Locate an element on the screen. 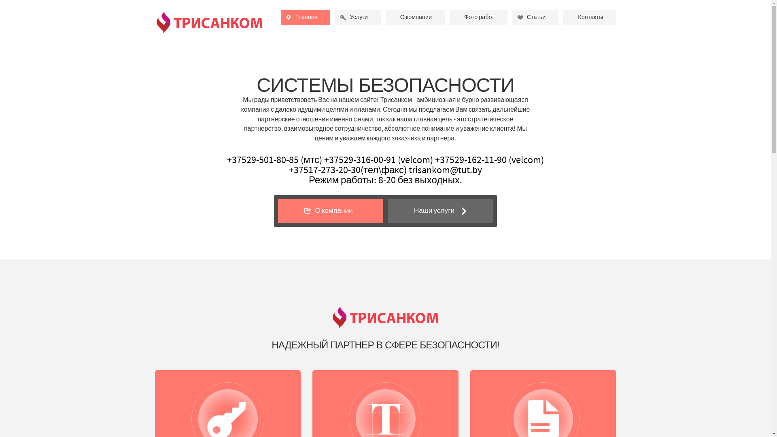  'trisankom@tut.by' is located at coordinates (445, 170).